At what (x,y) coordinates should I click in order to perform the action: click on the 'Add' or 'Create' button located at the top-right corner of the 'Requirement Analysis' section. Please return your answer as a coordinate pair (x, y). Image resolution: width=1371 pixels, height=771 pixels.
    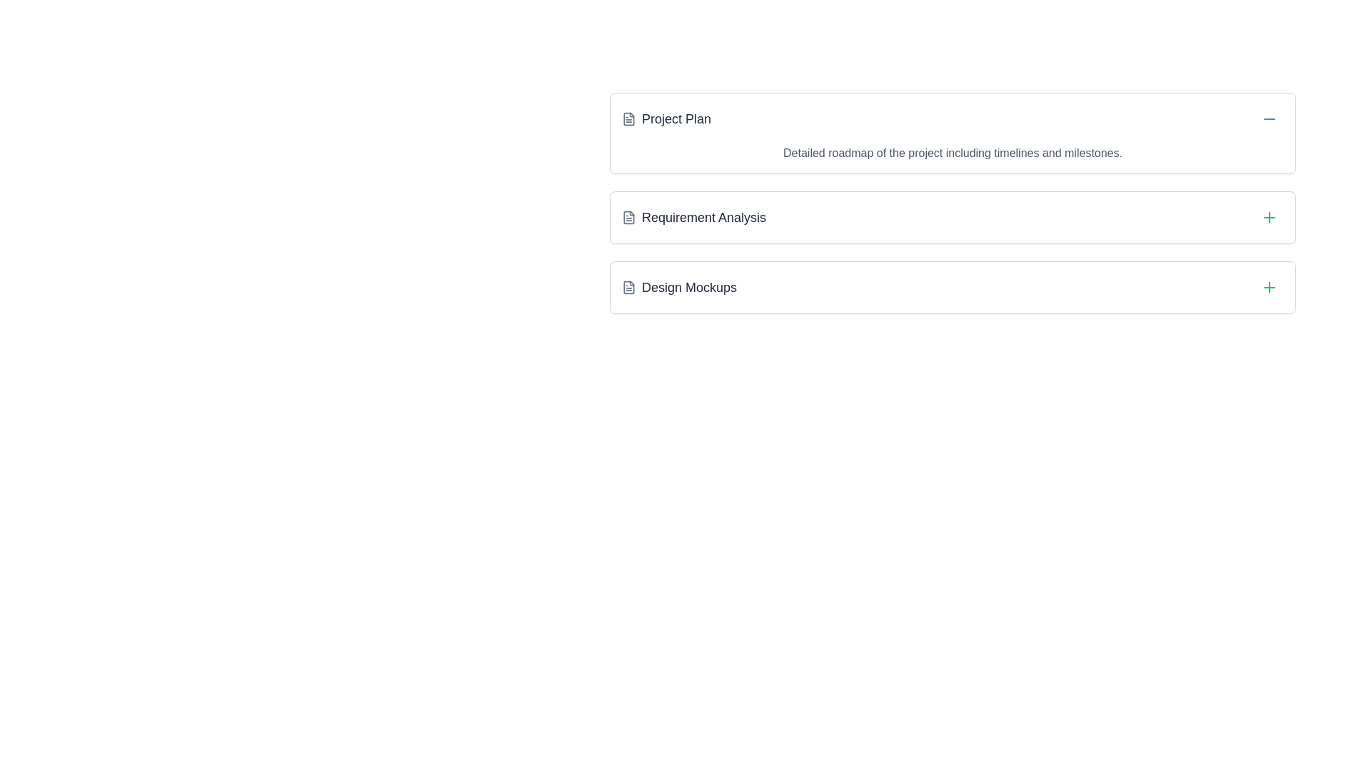
    Looking at the image, I should click on (1269, 217).